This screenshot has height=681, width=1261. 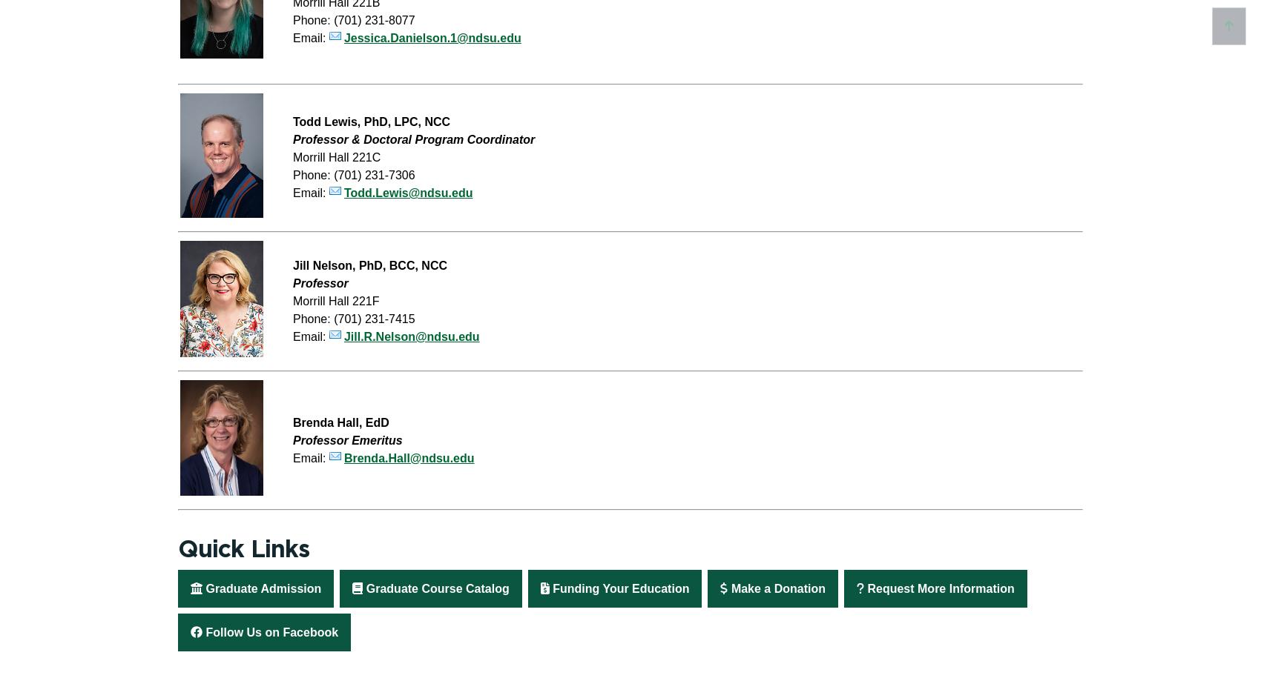 What do you see at coordinates (618, 588) in the screenshot?
I see `'Funding Your Education'` at bounding box center [618, 588].